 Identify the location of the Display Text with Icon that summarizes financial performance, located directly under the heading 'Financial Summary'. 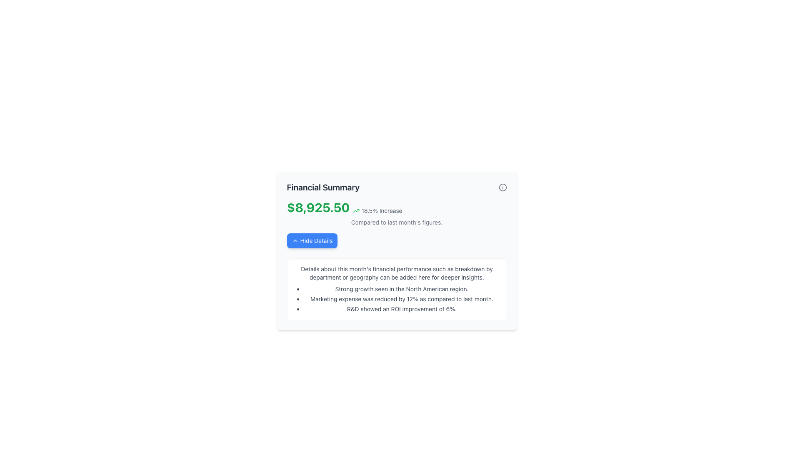
(396, 207).